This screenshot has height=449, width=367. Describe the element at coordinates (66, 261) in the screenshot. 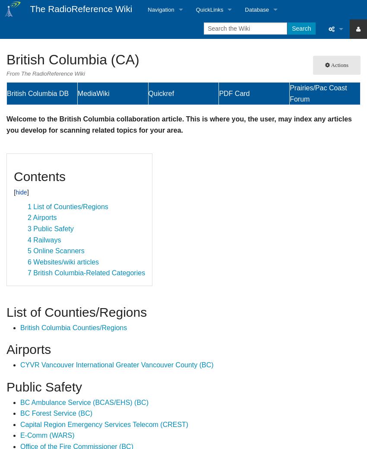

I see `'Websites/wiki articles'` at that location.